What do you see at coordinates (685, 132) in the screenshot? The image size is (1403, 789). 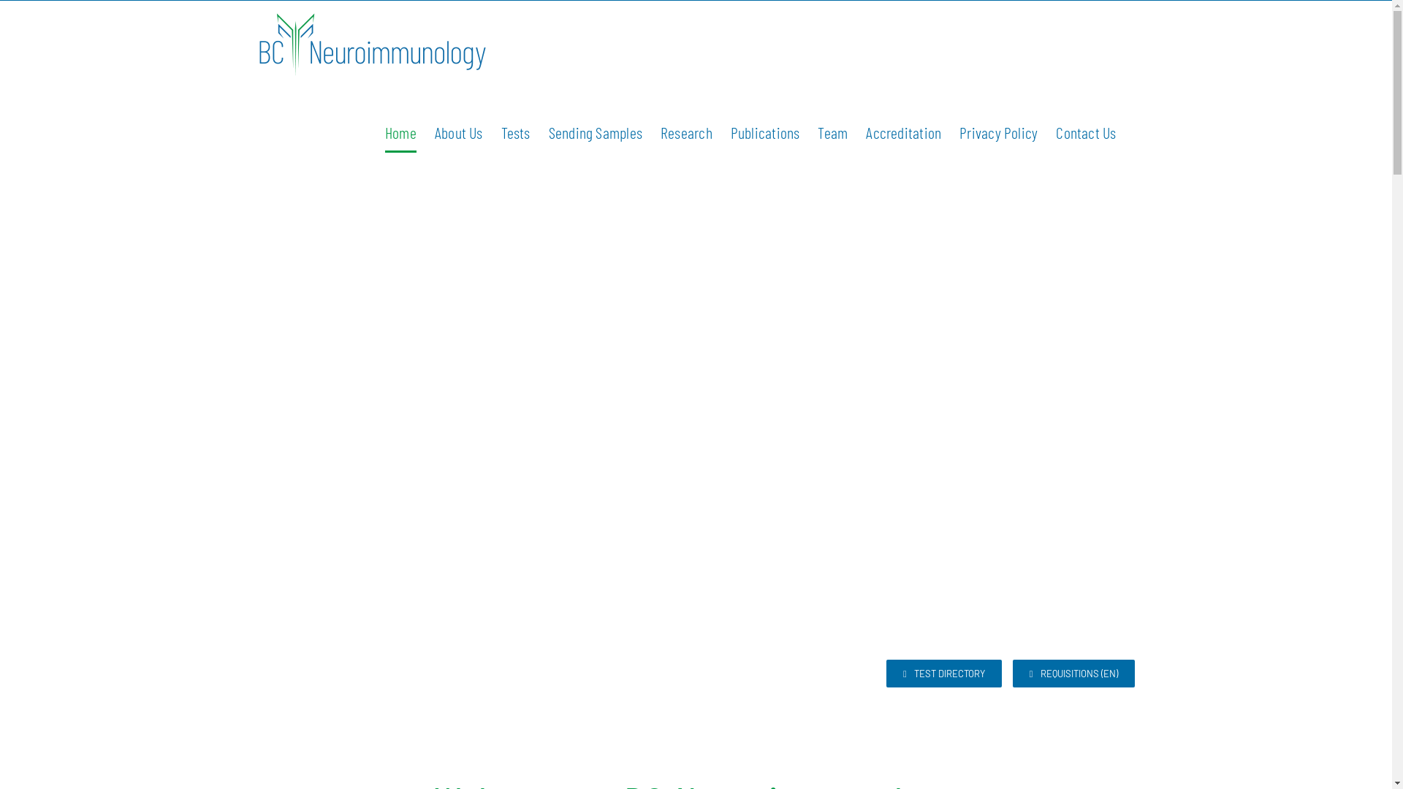 I see `'Research'` at bounding box center [685, 132].